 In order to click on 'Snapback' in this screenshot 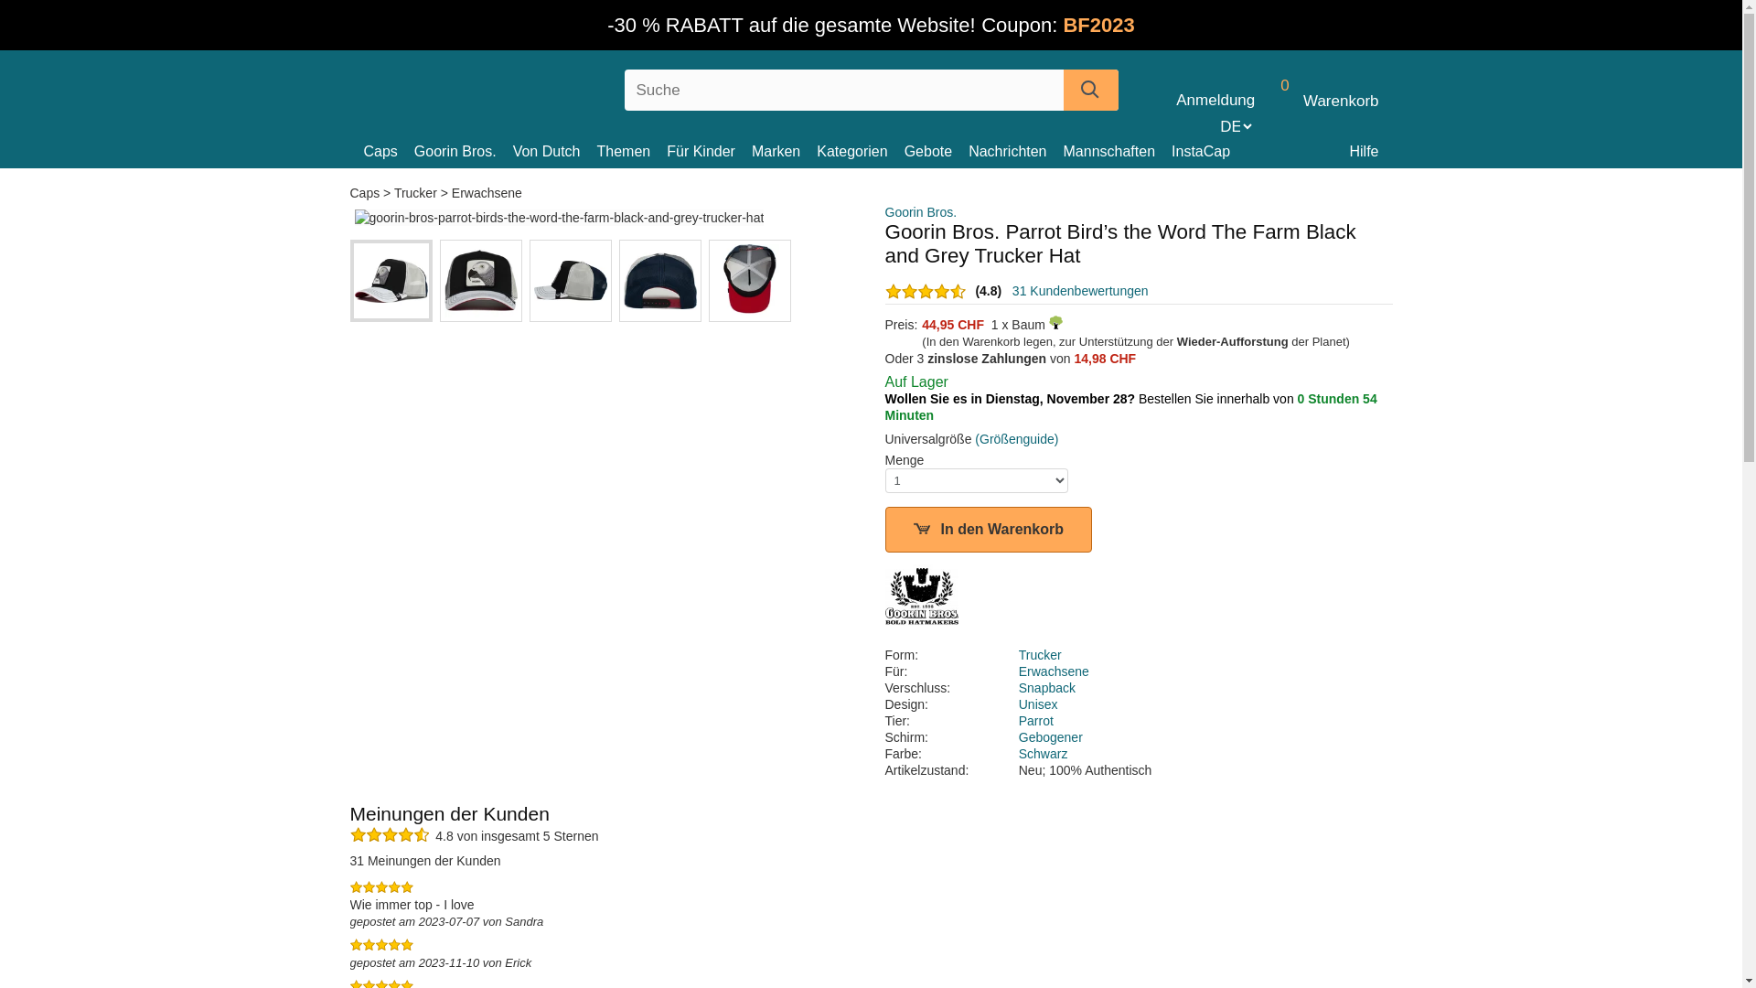, I will do `click(1047, 688)`.